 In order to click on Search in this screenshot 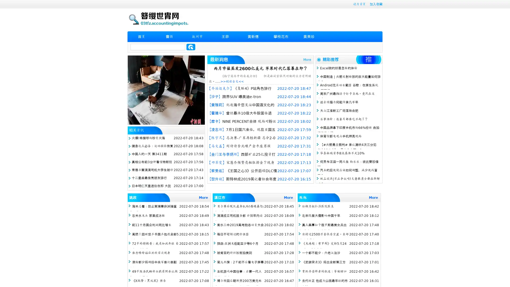, I will do `click(191, 47)`.